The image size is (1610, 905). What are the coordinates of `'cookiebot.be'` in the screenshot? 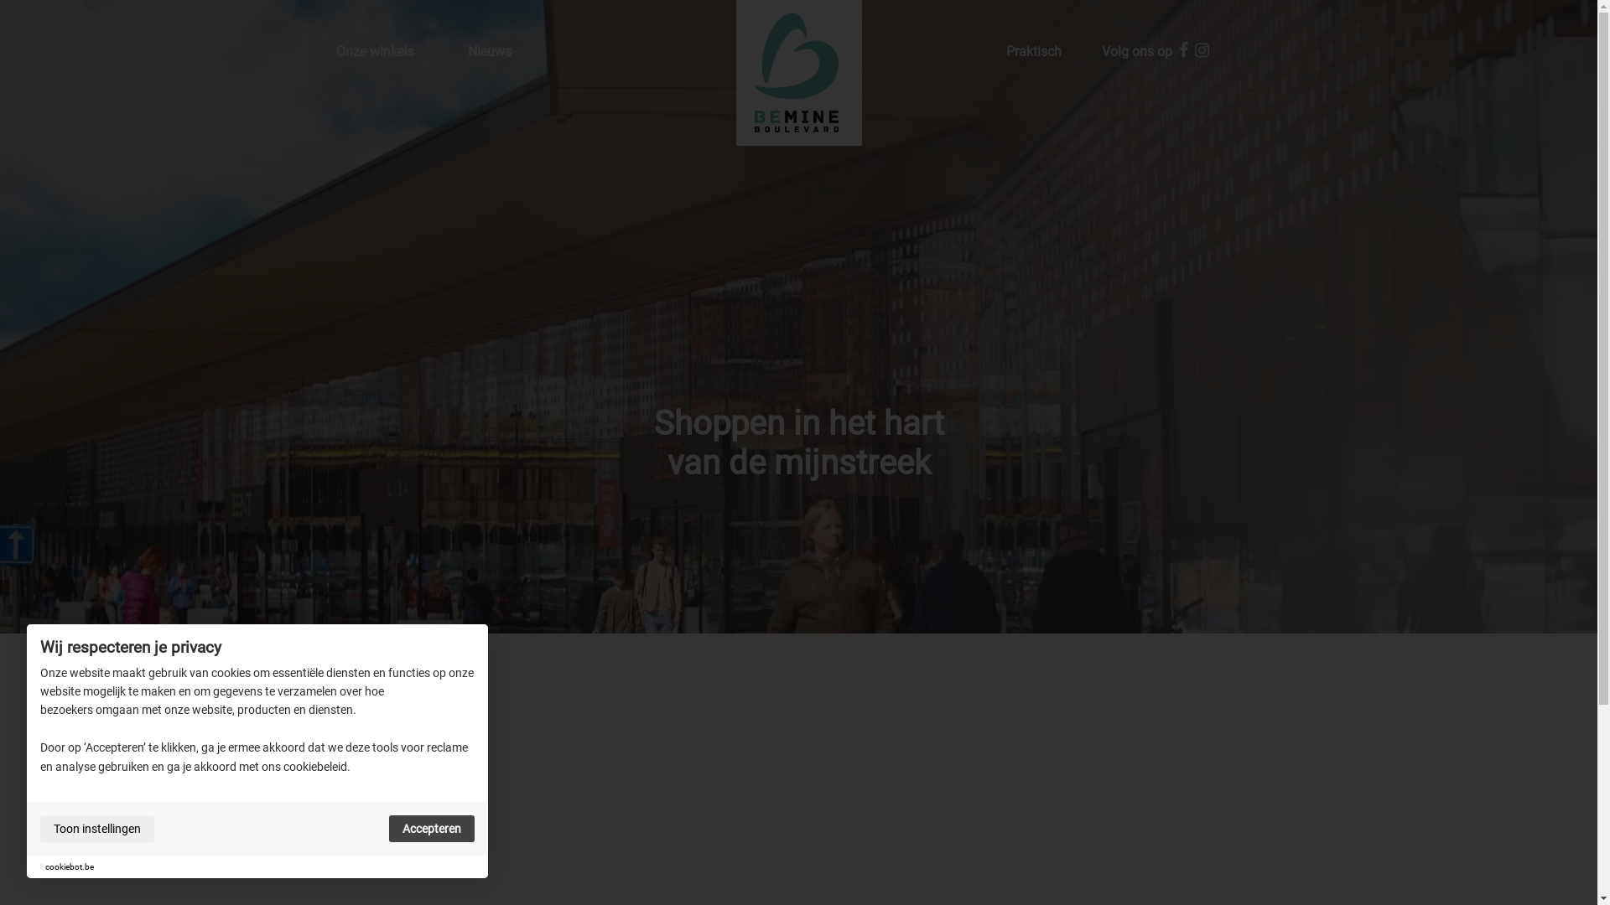 It's located at (68, 866).